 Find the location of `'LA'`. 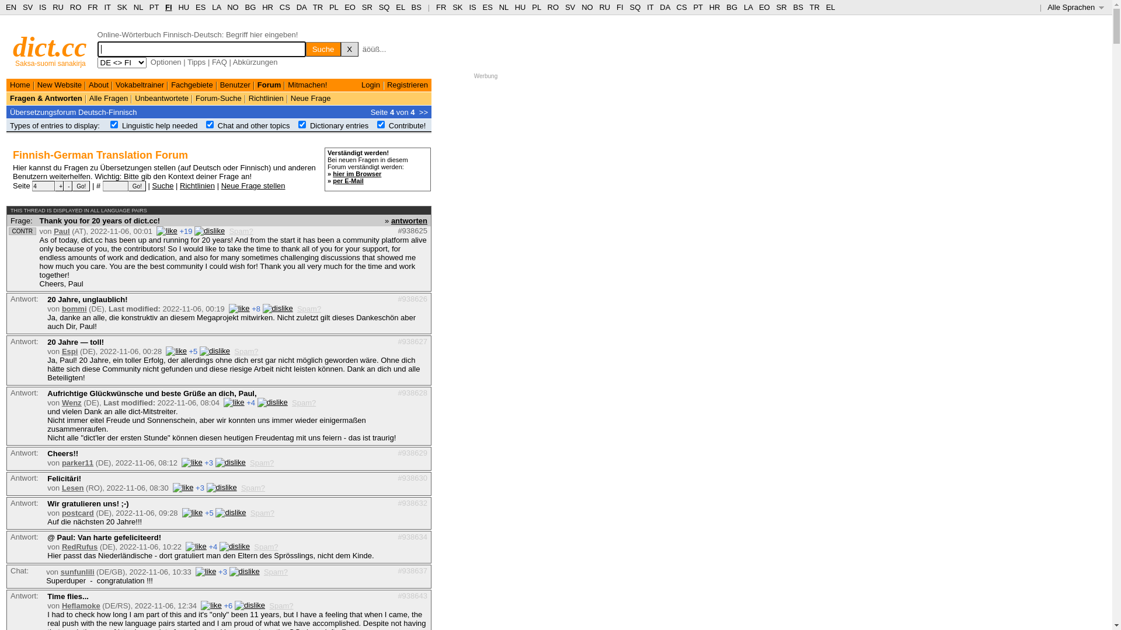

'LA' is located at coordinates (748, 7).